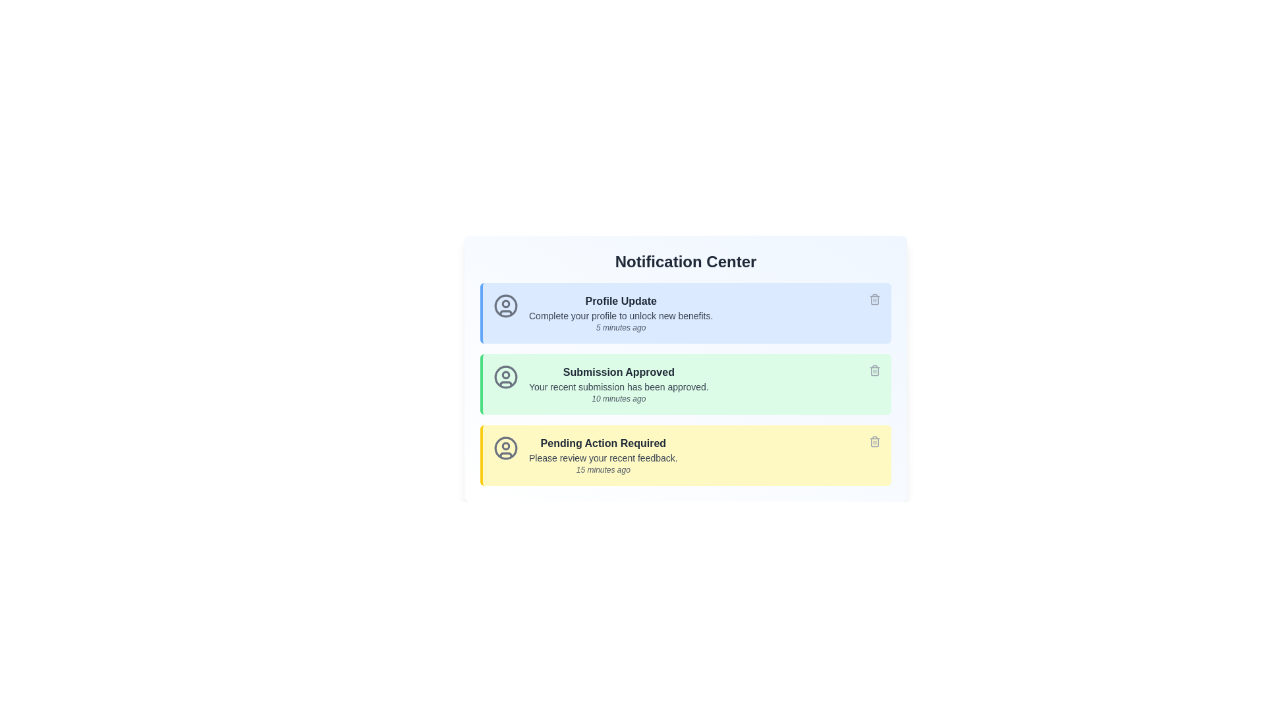 The height and width of the screenshot is (711, 1265). I want to click on bold text label 'Profile Update' located at the top of the blue notification card in the notification center interface, so click(620, 302).